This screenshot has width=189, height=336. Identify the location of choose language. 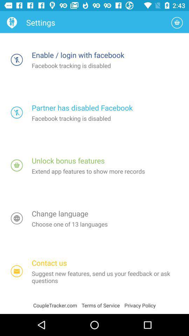
(17, 218).